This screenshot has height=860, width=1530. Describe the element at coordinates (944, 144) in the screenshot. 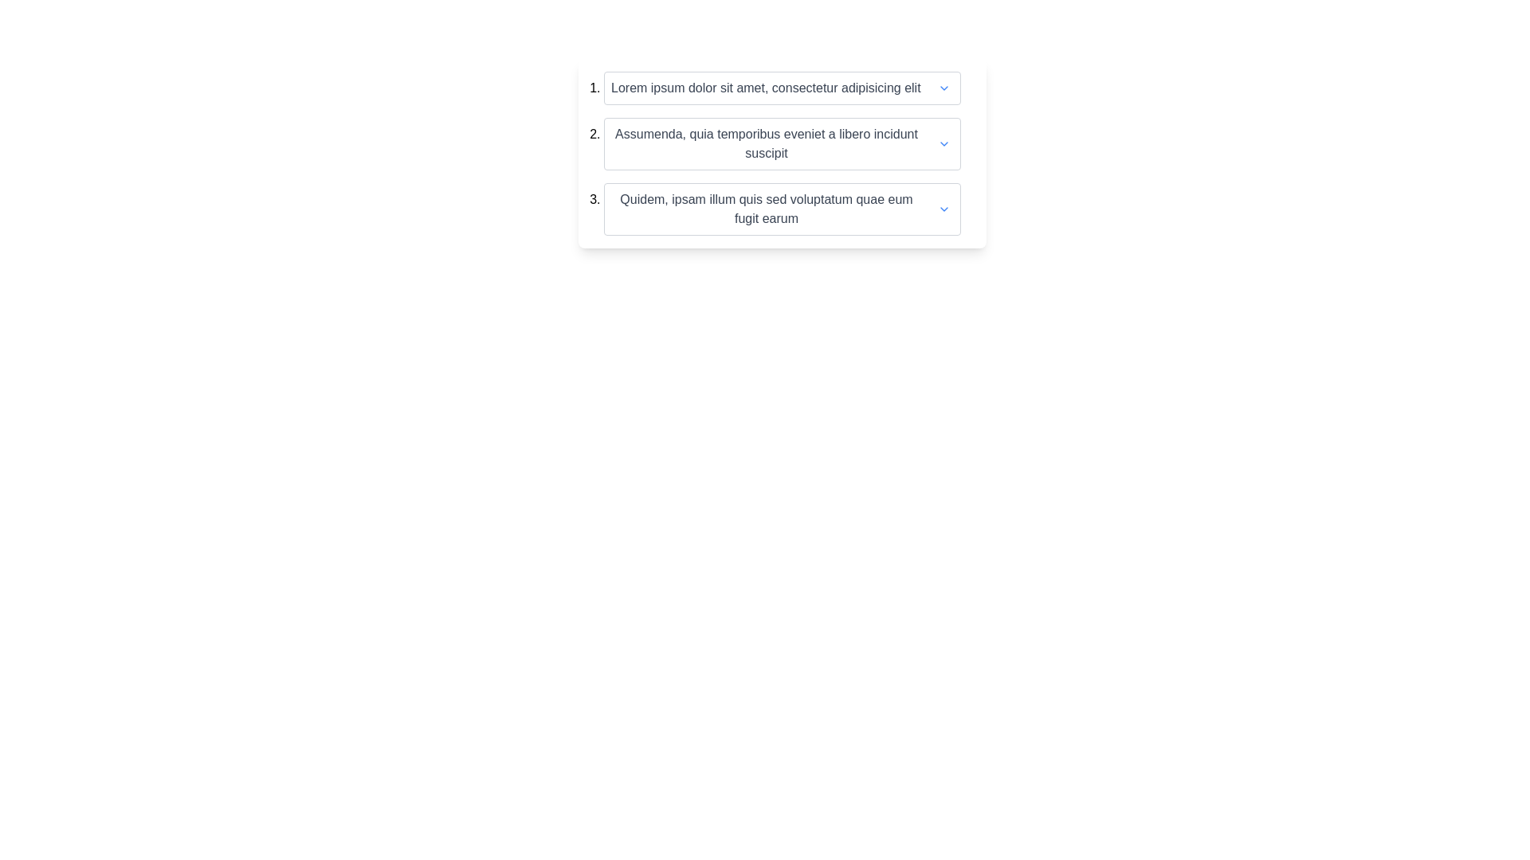

I see `the dropdown toggle icon located to the right of the text 'Assumenda, quia temporibus eveniet a libero incidunt suscipit'` at that location.